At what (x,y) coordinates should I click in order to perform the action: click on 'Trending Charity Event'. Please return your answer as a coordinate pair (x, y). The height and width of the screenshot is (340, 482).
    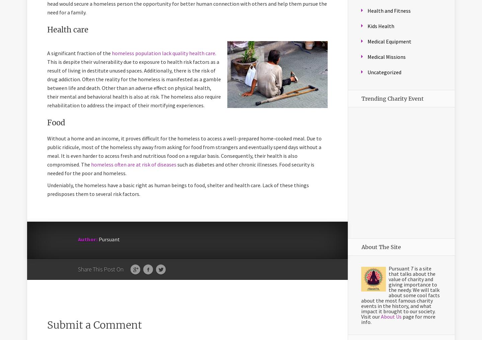
    Looking at the image, I should click on (393, 99).